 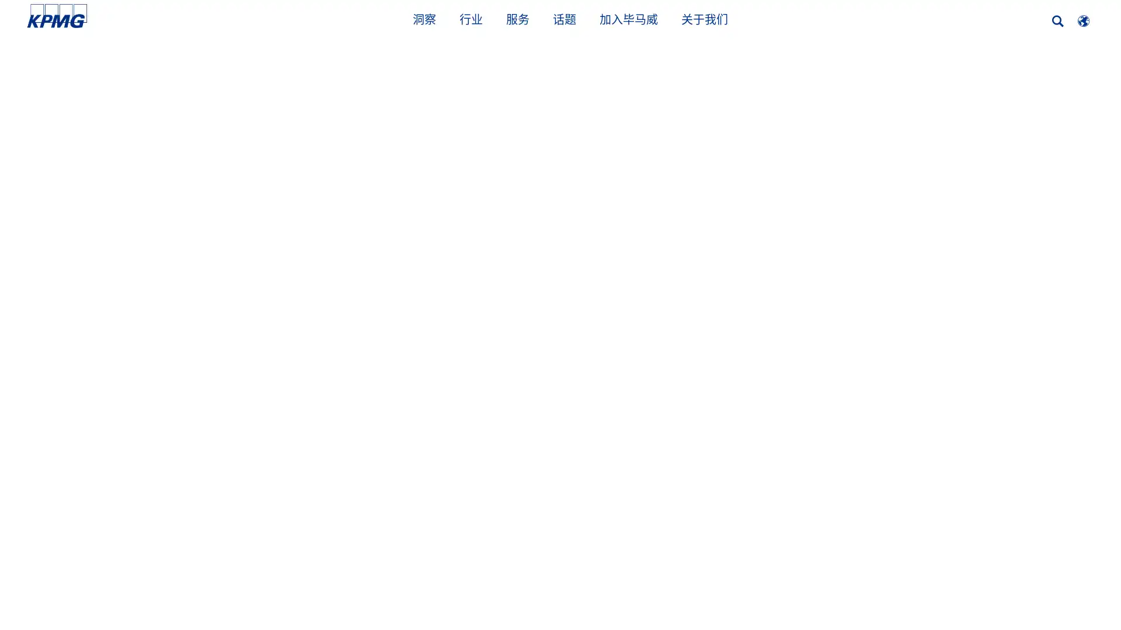 What do you see at coordinates (900, 591) in the screenshot?
I see `cookie` at bounding box center [900, 591].